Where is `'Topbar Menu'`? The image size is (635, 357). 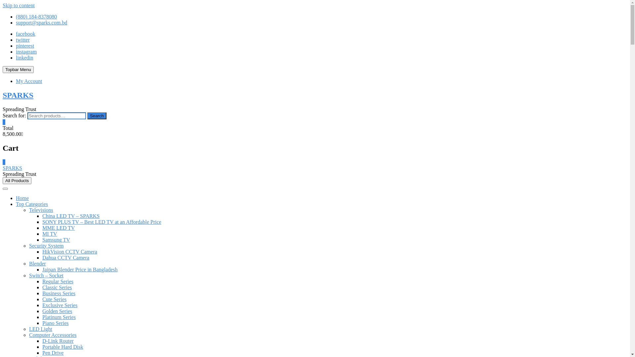 'Topbar Menu' is located at coordinates (3, 69).